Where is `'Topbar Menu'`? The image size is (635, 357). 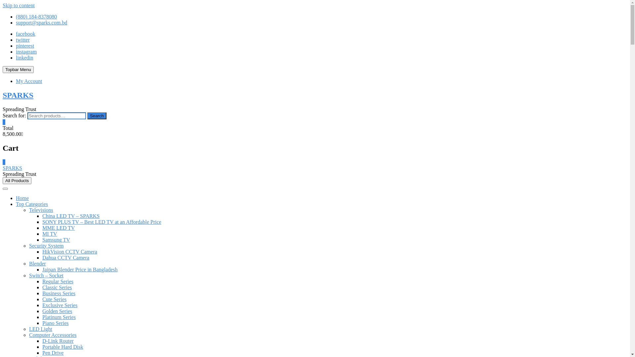 'Topbar Menu' is located at coordinates (3, 69).